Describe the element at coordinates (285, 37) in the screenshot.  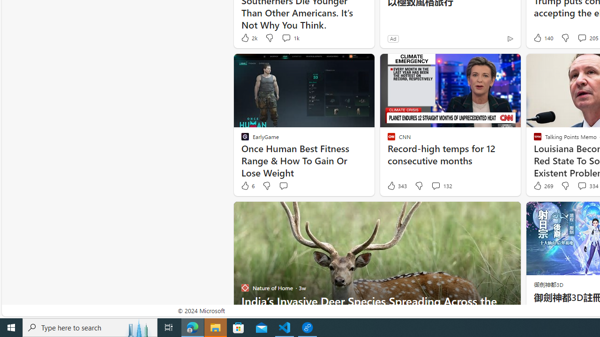
I see `'View comments 1k Comment'` at that location.